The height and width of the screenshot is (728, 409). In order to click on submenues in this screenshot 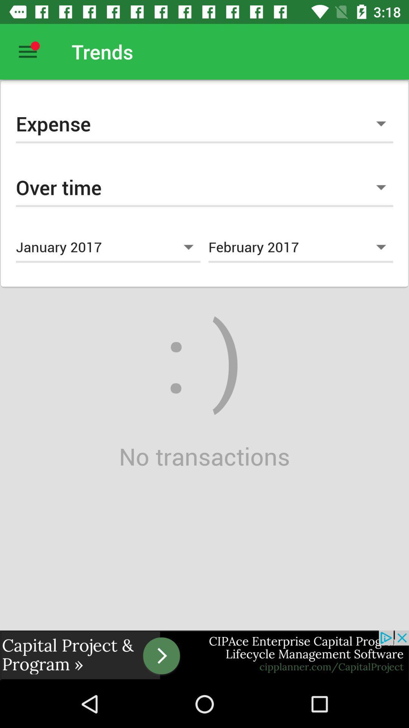, I will do `click(27, 51)`.